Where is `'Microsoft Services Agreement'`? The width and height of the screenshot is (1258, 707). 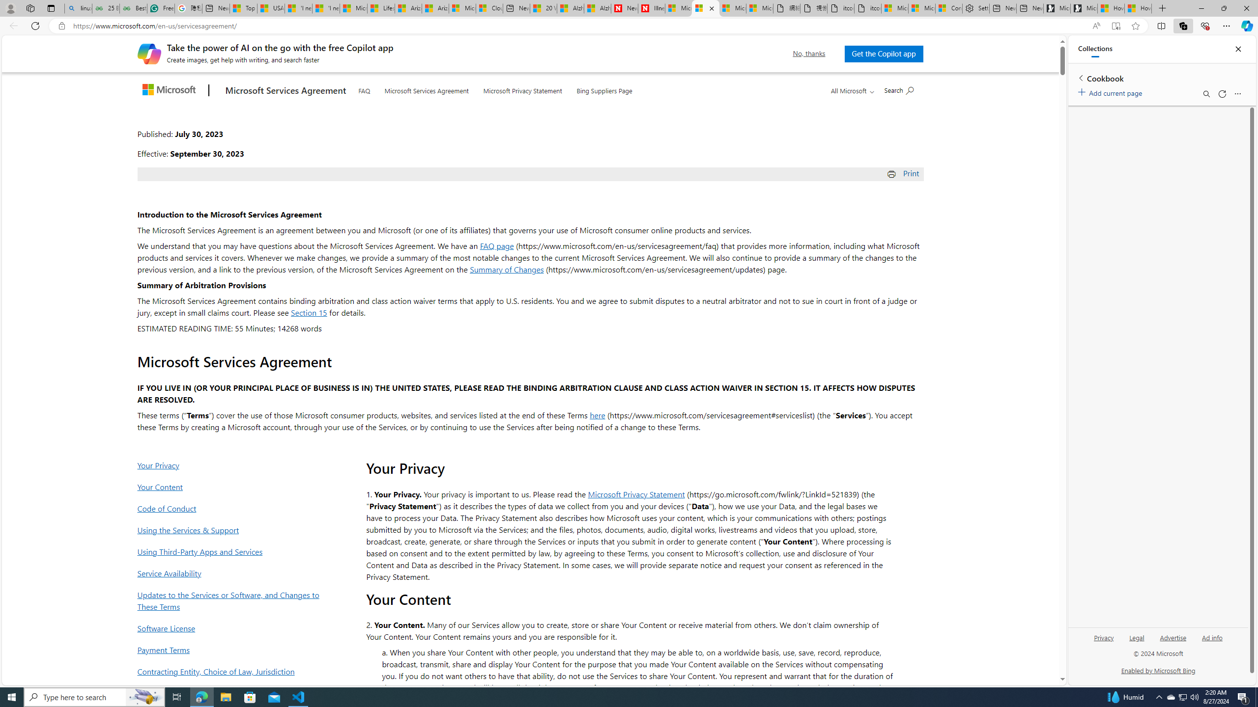
'Microsoft Services Agreement' is located at coordinates (427, 89).